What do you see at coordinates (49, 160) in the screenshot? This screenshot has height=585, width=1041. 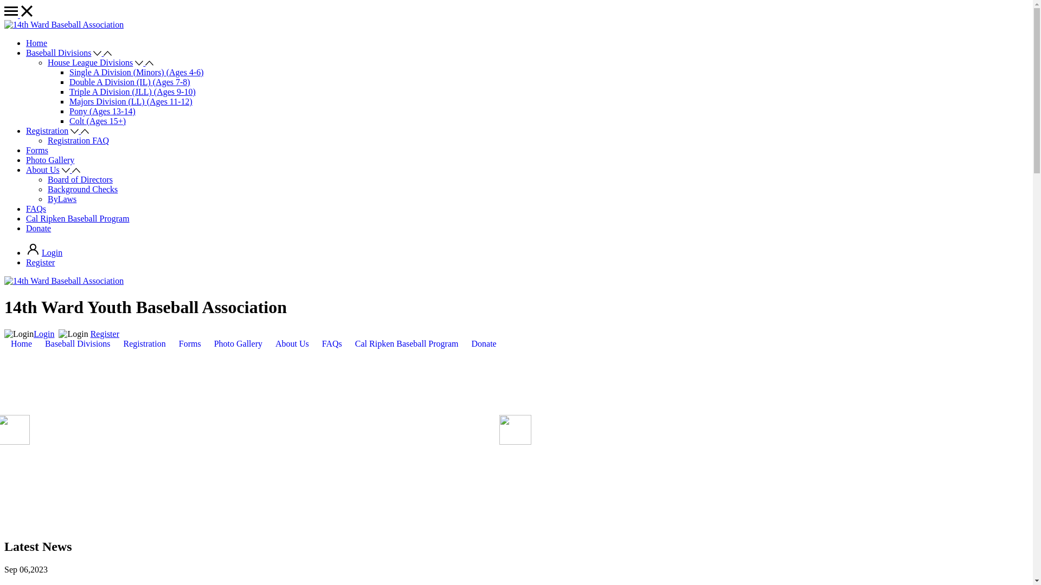 I see `'Photo Gallery'` at bounding box center [49, 160].